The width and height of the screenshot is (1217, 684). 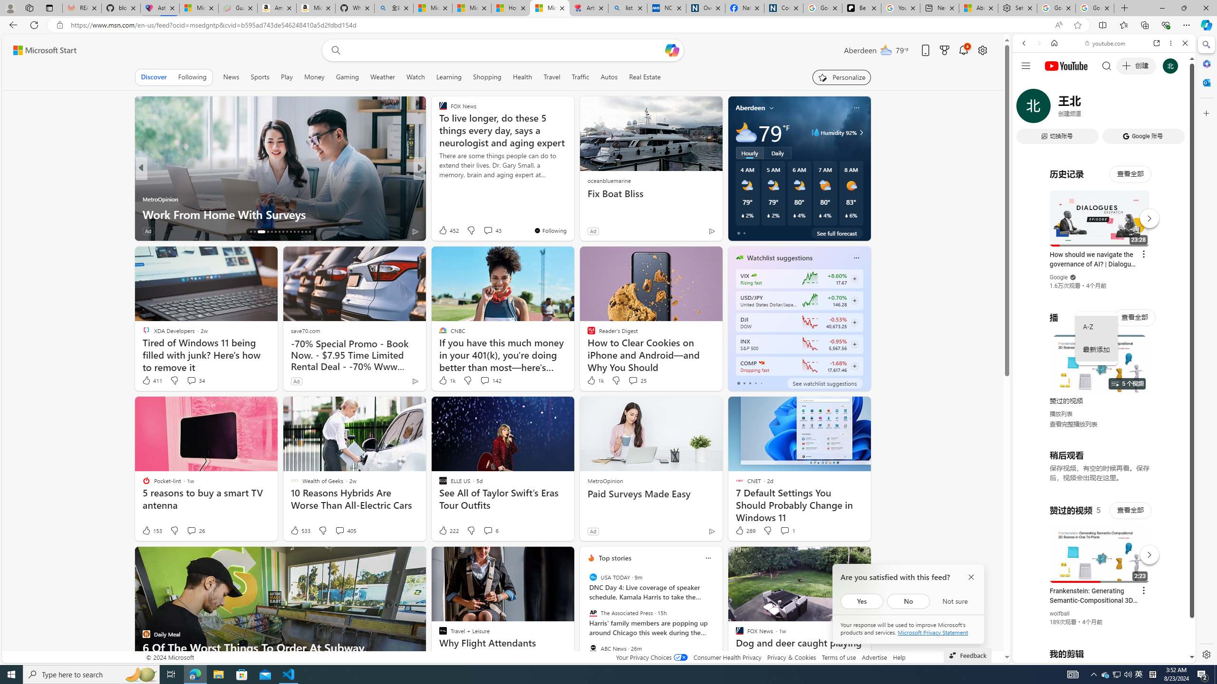 What do you see at coordinates (1128, 109) in the screenshot?
I see `'SEARCH TOOLS'` at bounding box center [1128, 109].